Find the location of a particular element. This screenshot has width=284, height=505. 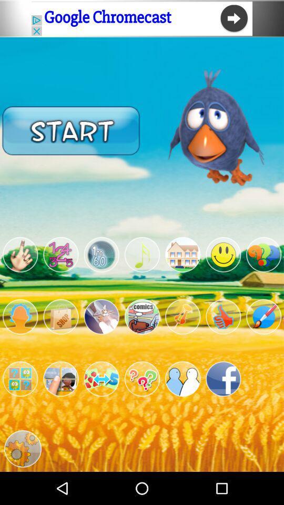

game mode is located at coordinates (182, 254).